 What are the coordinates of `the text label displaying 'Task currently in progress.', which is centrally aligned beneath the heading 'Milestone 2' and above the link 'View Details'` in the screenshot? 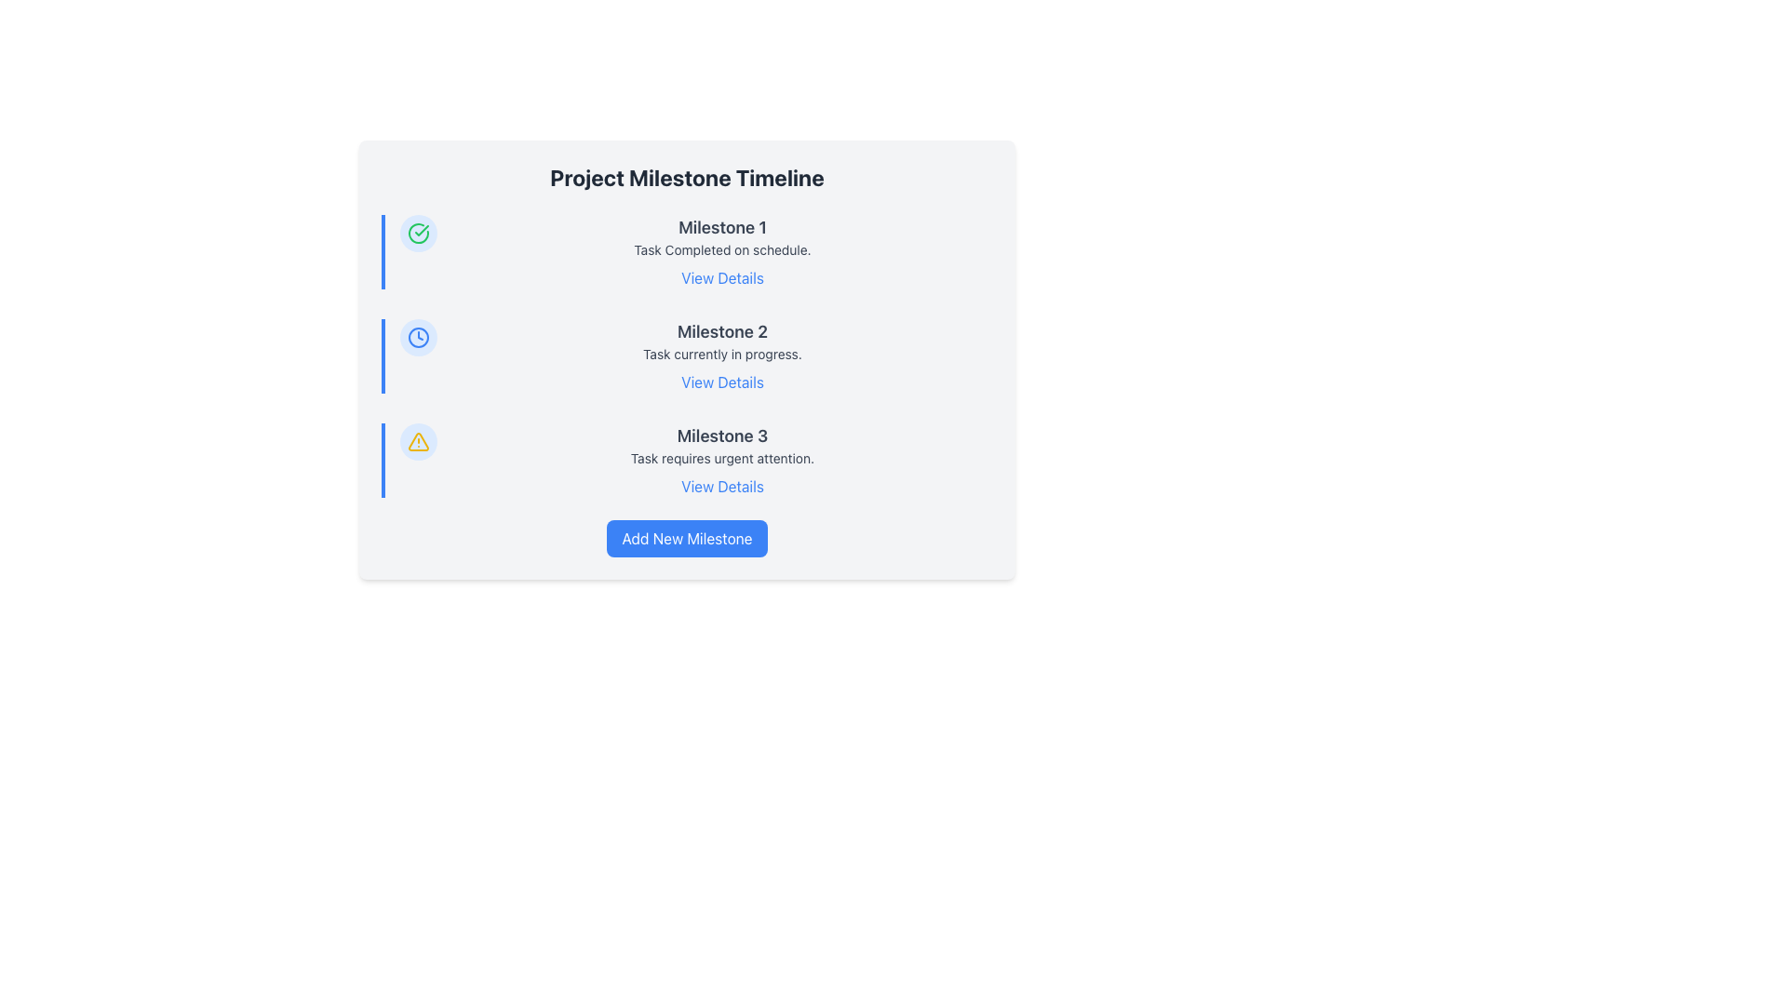 It's located at (721, 355).